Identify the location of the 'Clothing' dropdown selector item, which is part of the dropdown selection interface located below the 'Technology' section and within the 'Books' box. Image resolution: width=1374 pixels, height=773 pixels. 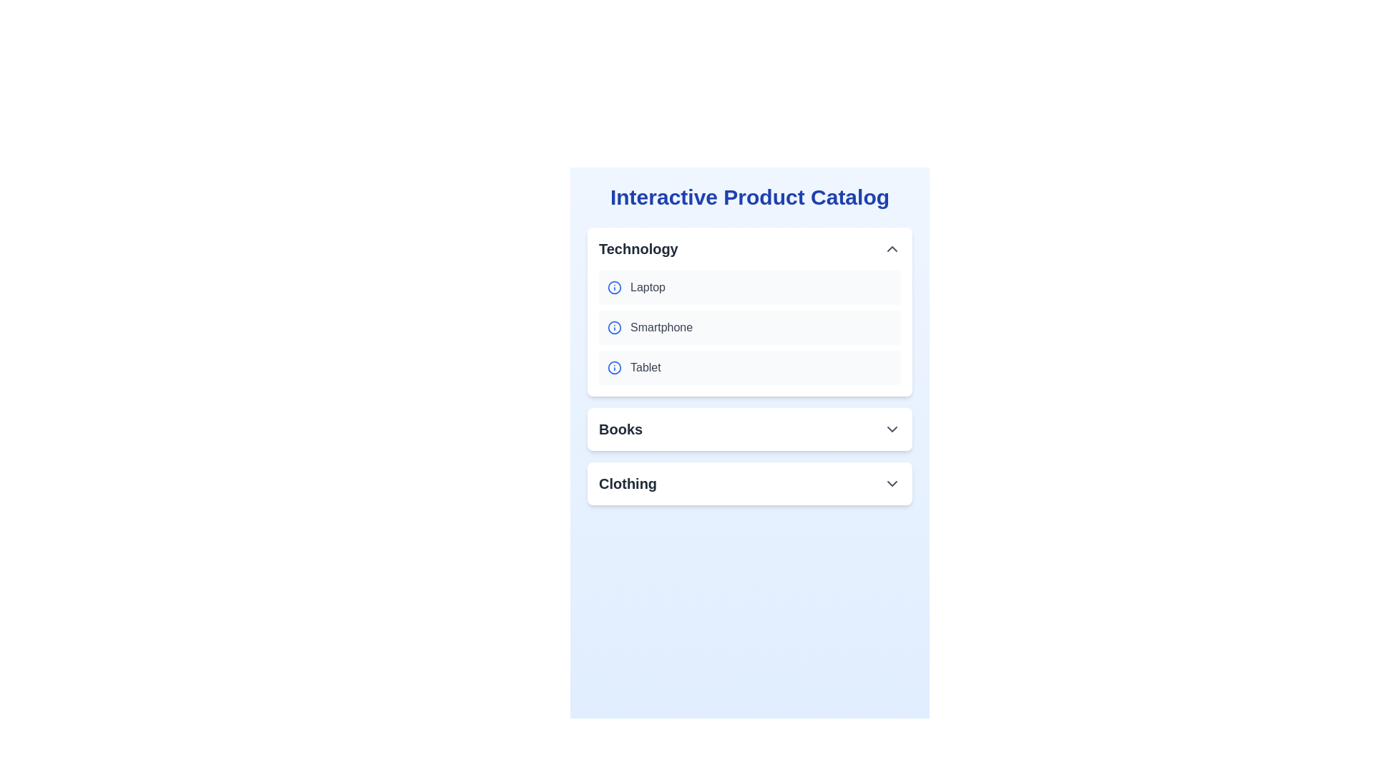
(749, 483).